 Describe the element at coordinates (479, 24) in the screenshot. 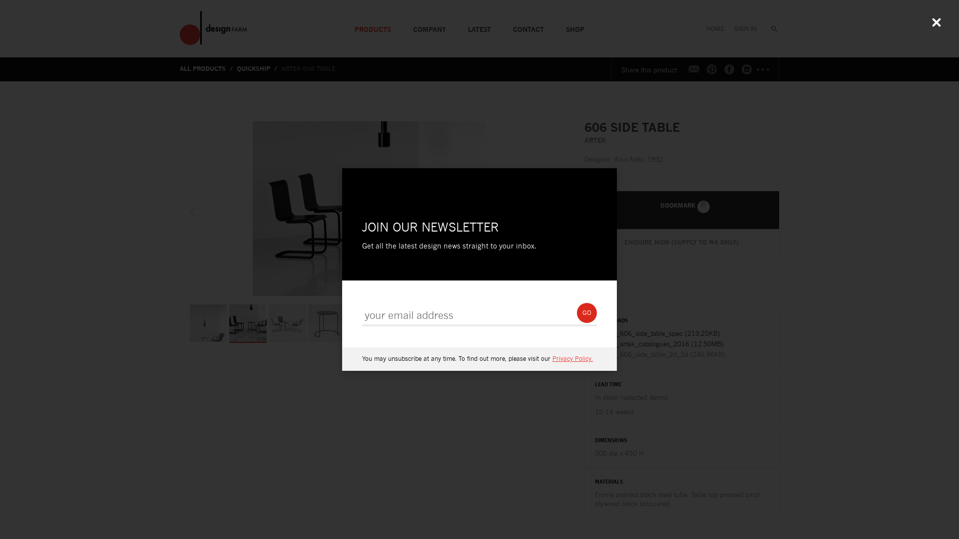

I see `'LATEST'` at that location.